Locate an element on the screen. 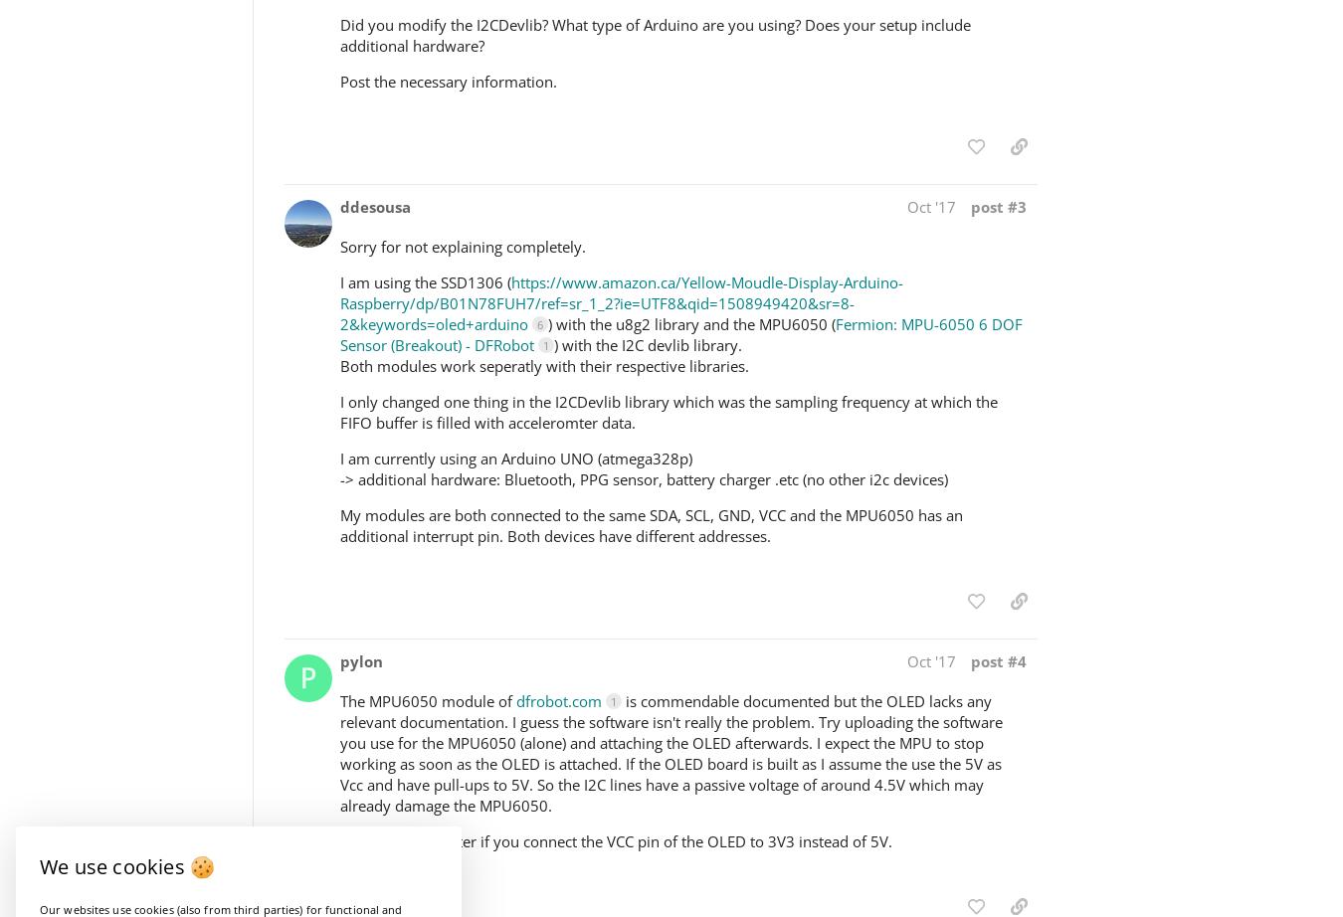  'It might work better if you connect the VCC pin of the OLED to 3V3 instead of 5V.' is located at coordinates (616, 839).